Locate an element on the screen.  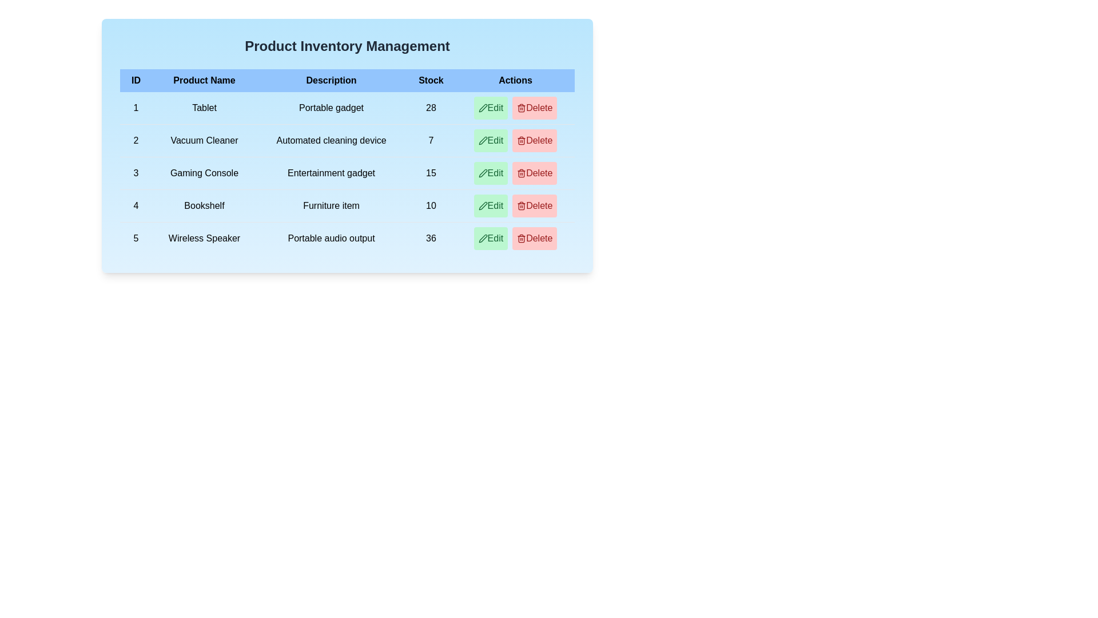
the red trash bin icon button located in the third row of the actions column, which indicates a delete action is located at coordinates (521, 173).